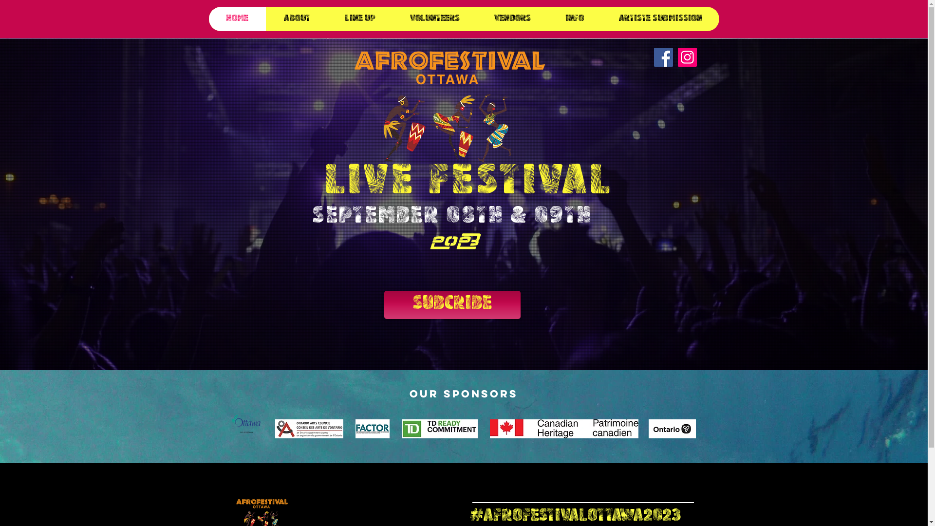 The image size is (935, 526). What do you see at coordinates (434, 19) in the screenshot?
I see `'VOLUNTEERS'` at bounding box center [434, 19].